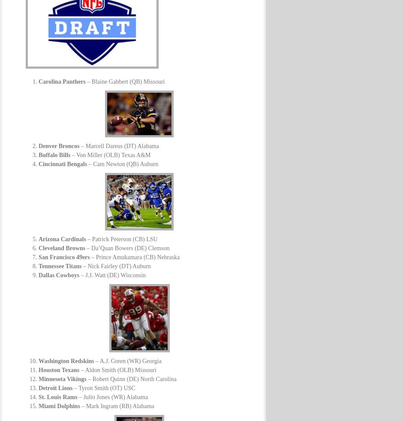  Describe the element at coordinates (61, 248) in the screenshot. I see `'Cleveland Browns'` at that location.